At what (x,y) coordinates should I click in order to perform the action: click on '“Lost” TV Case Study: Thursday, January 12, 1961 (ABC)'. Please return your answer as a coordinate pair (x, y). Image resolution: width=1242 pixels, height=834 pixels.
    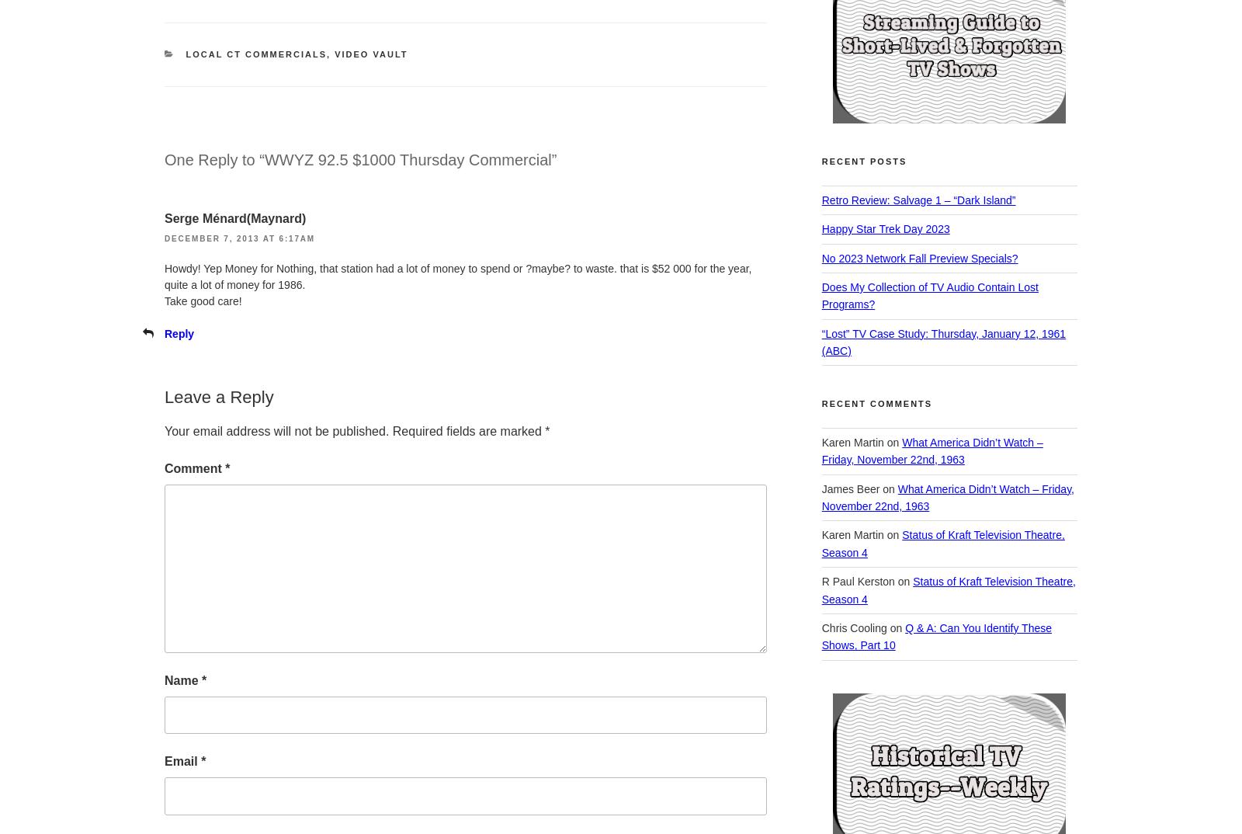
    Looking at the image, I should click on (821, 341).